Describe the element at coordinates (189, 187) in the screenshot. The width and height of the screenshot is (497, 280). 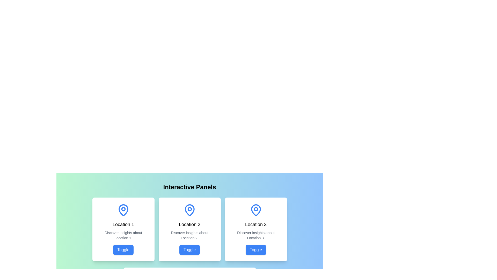
I see `text heading that introduces the interactive panels and provides context for the content, positioned at the top of the main content section` at that location.